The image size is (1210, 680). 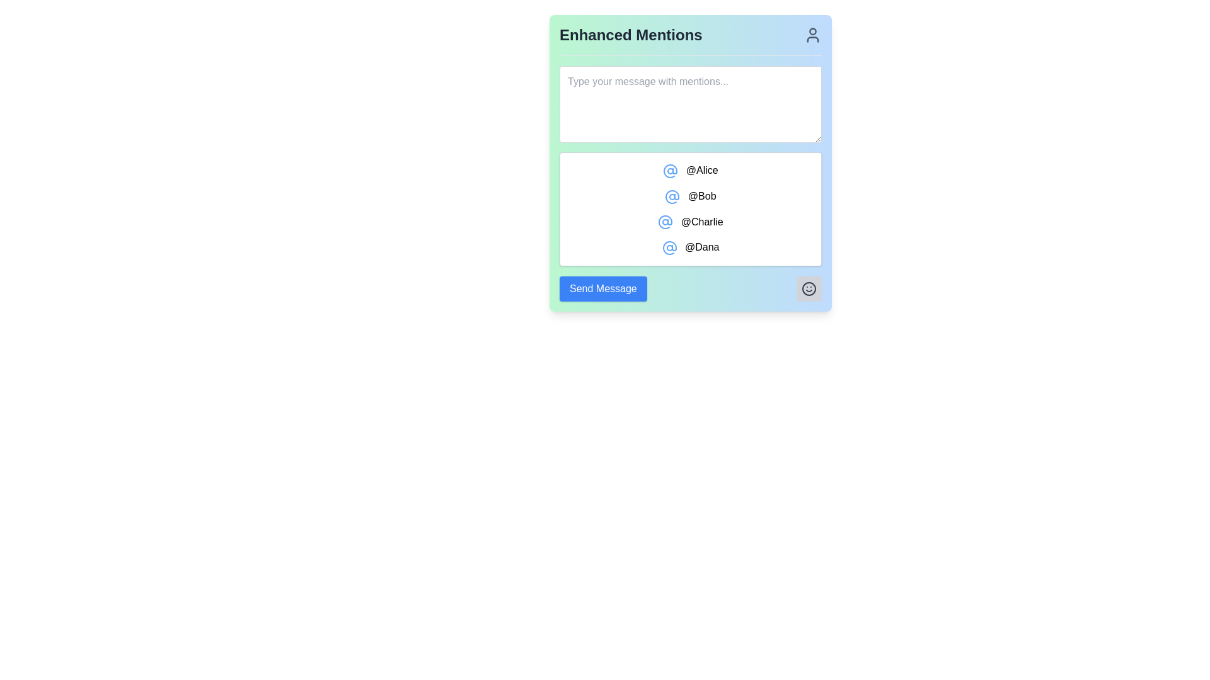 What do you see at coordinates (809, 289) in the screenshot?
I see `the interactive button located in the lower-right corner of the 'Enhanced Mentions' box, adjacent to the 'Send Message' button` at bounding box center [809, 289].